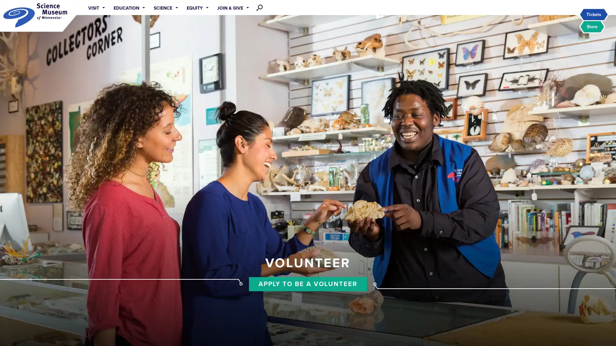 The width and height of the screenshot is (616, 346). I want to click on Go, so click(278, 7).